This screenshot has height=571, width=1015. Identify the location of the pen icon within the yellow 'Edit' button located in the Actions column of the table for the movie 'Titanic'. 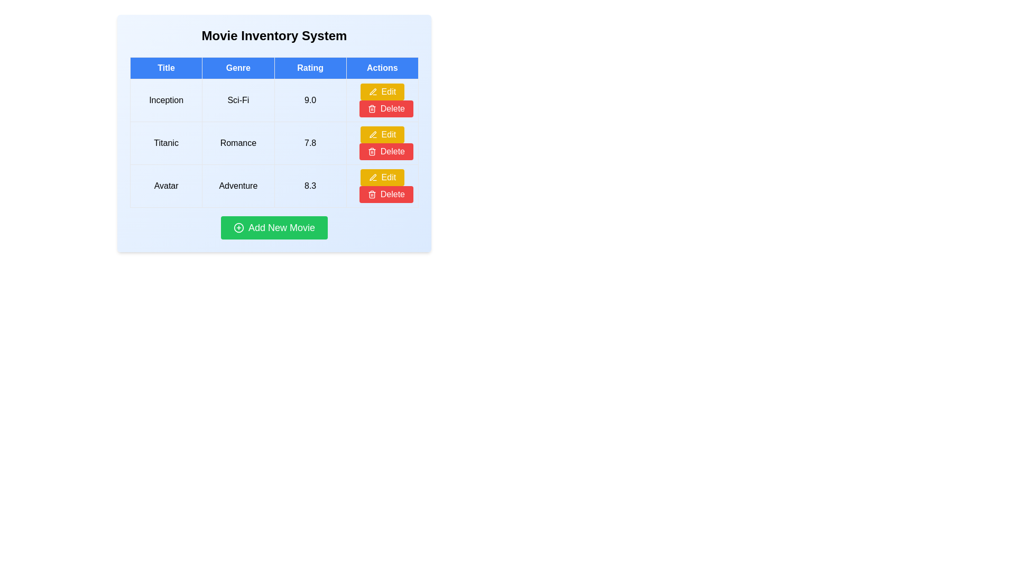
(373, 134).